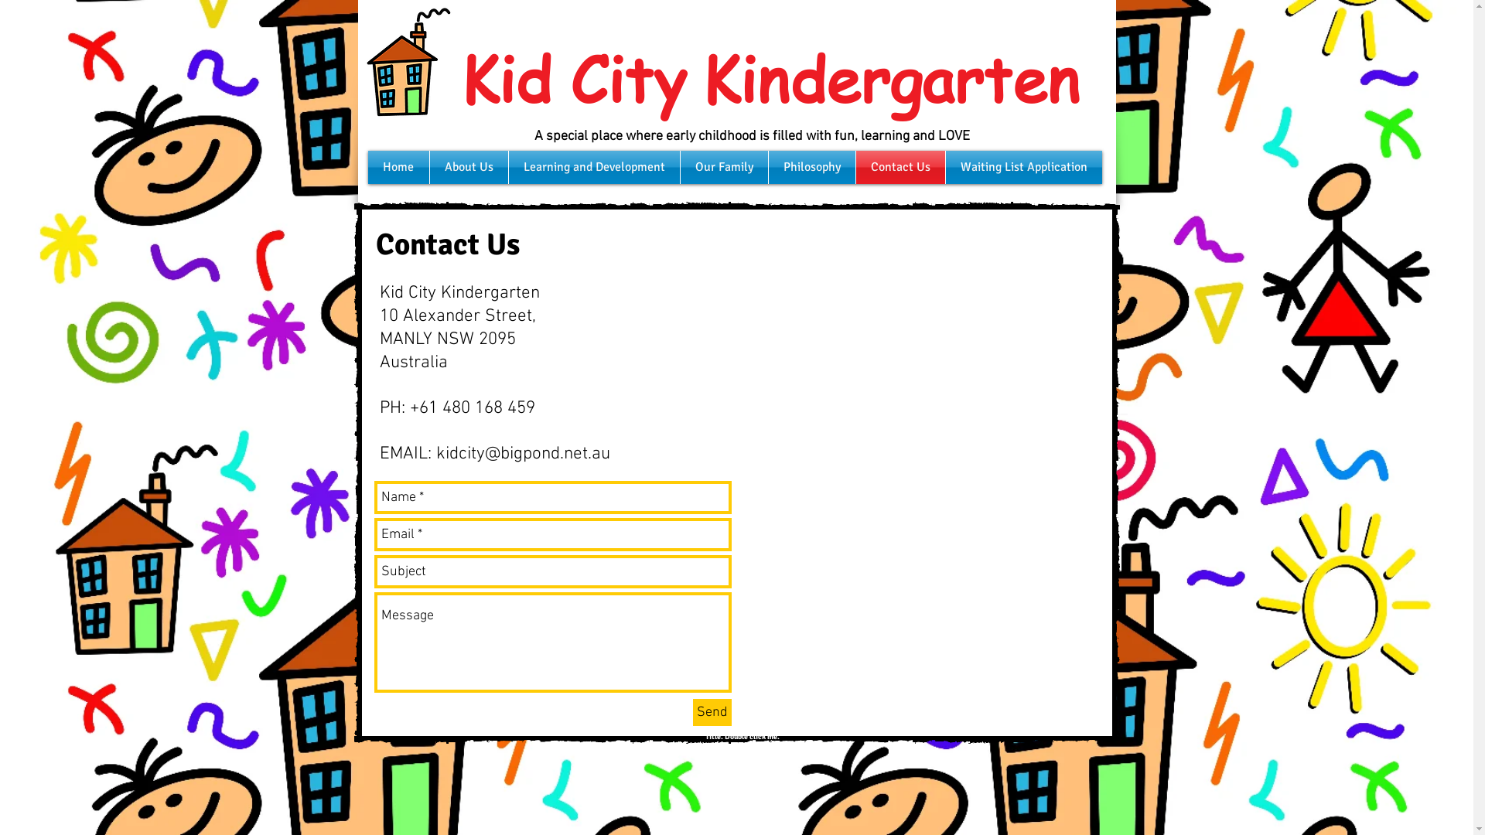  What do you see at coordinates (712, 712) in the screenshot?
I see `'Send'` at bounding box center [712, 712].